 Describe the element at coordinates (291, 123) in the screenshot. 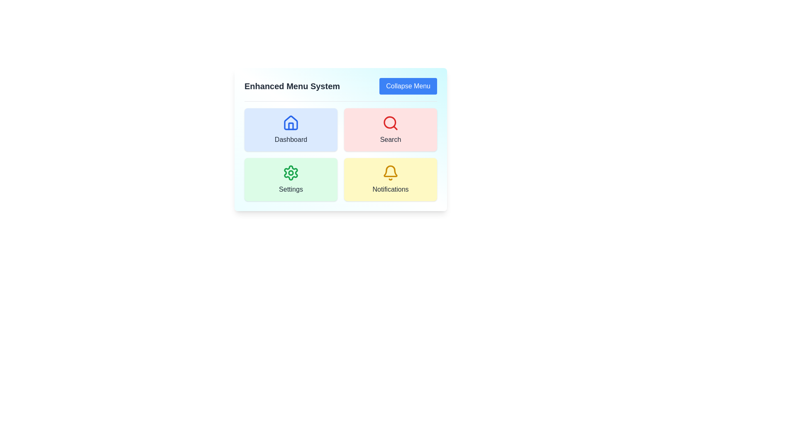

I see `the blue house icon located within the 'Dashboard' button in the upper-left quadrant of the grid layout` at that location.